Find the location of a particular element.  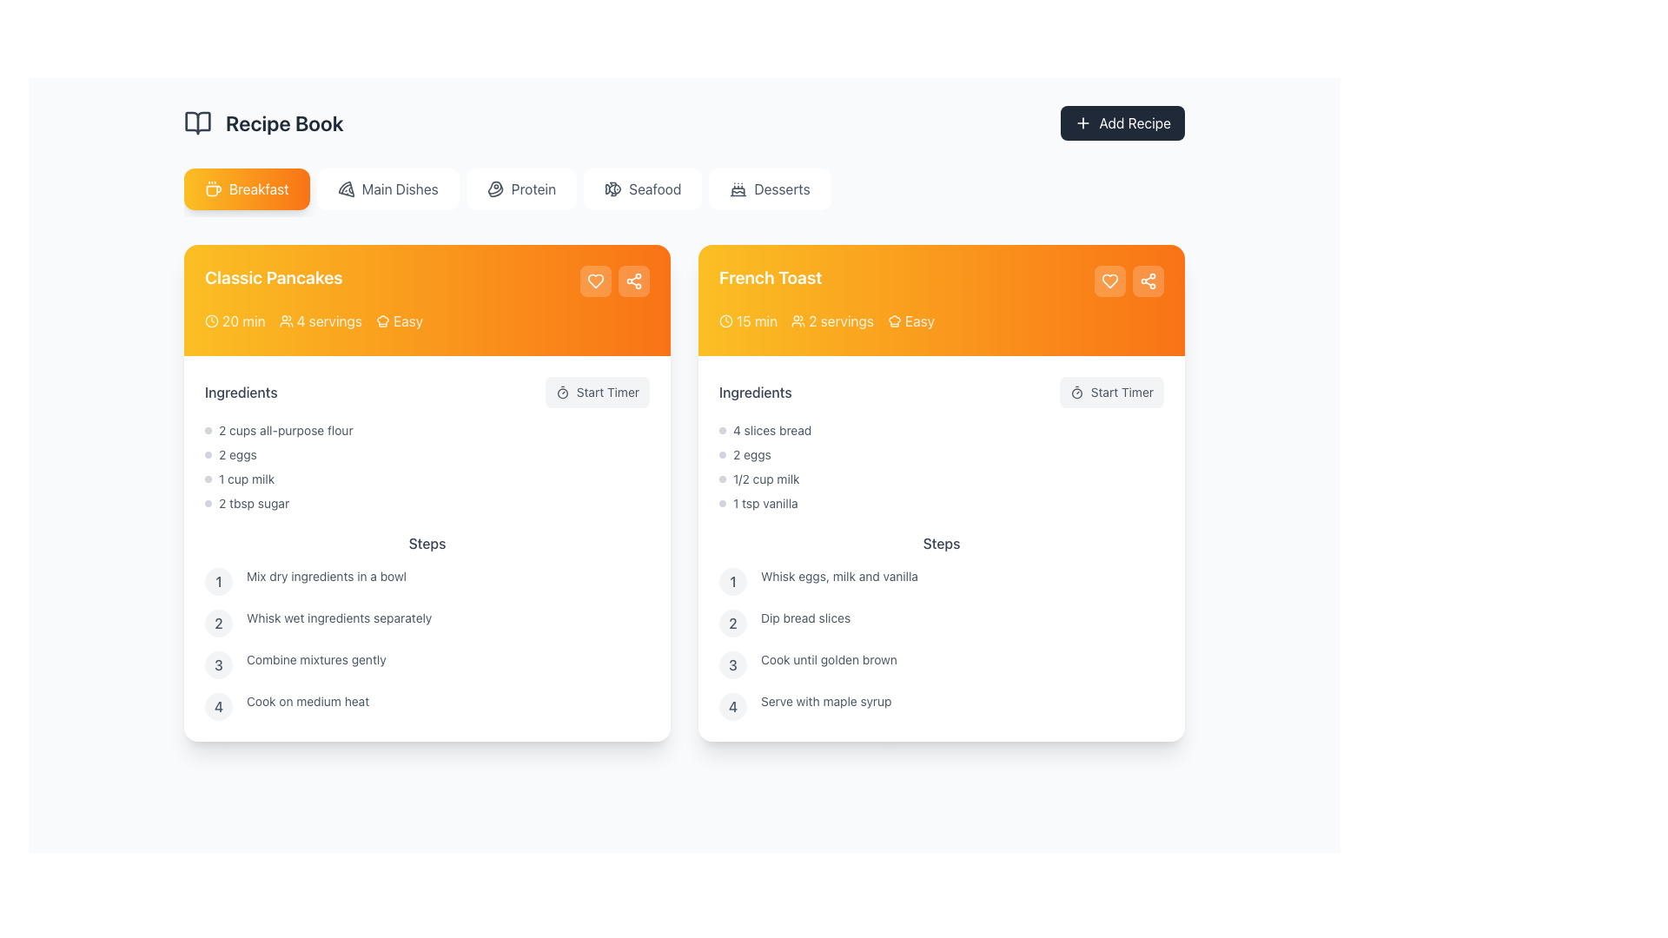

the text label 'Easy' which is prominently displayed in white font on an orange background, located on the right-hand side within the header of the 'Classic Pancakes' recipe card, next to a chef's hat icon is located at coordinates (407, 321).